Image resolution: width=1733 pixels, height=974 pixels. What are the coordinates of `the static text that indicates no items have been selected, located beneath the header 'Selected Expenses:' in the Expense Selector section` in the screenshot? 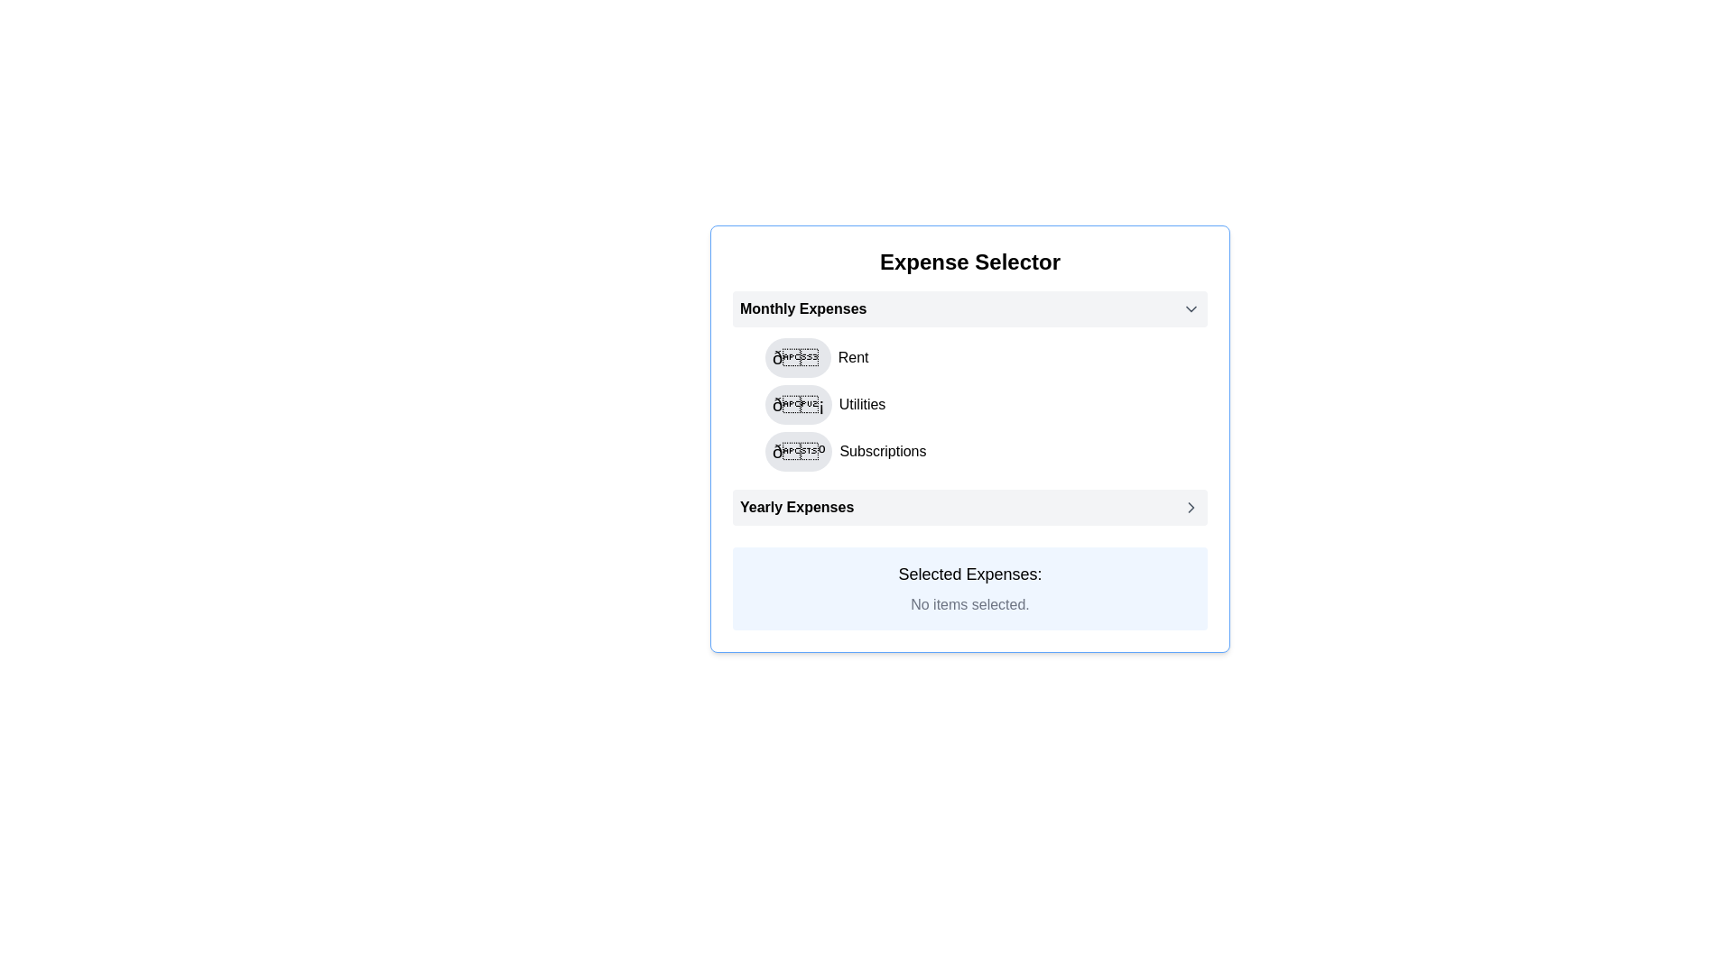 It's located at (969, 605).